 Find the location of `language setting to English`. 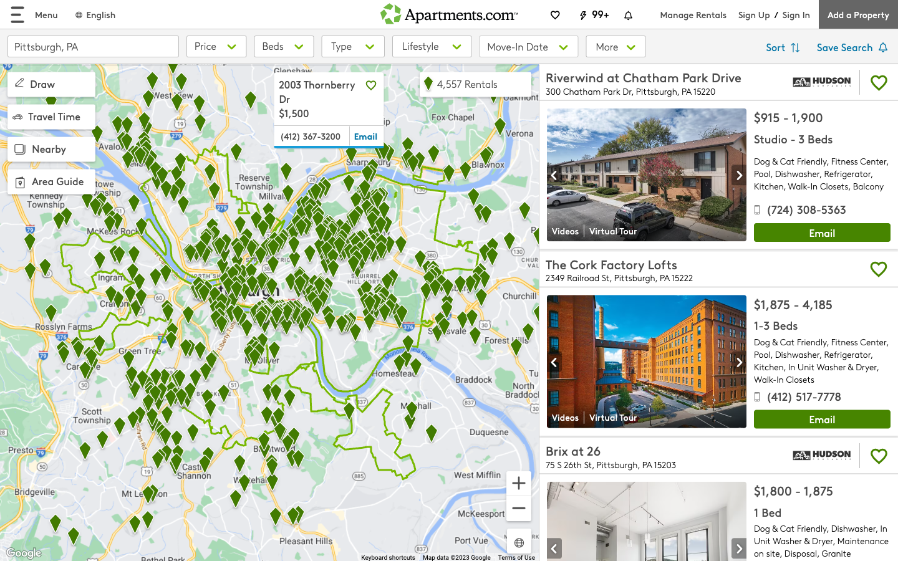

language setting to English is located at coordinates (94, 14).